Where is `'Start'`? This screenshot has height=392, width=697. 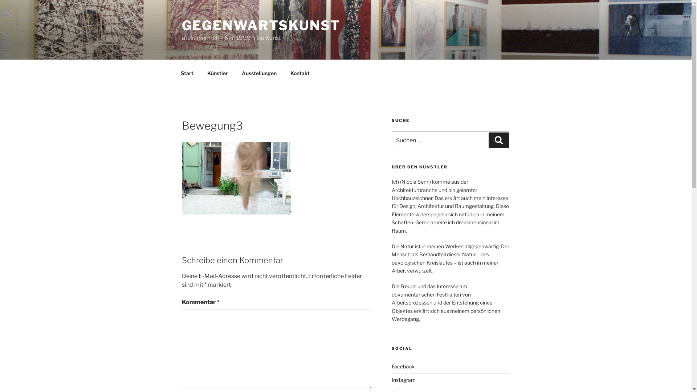
'Start' is located at coordinates (187, 73).